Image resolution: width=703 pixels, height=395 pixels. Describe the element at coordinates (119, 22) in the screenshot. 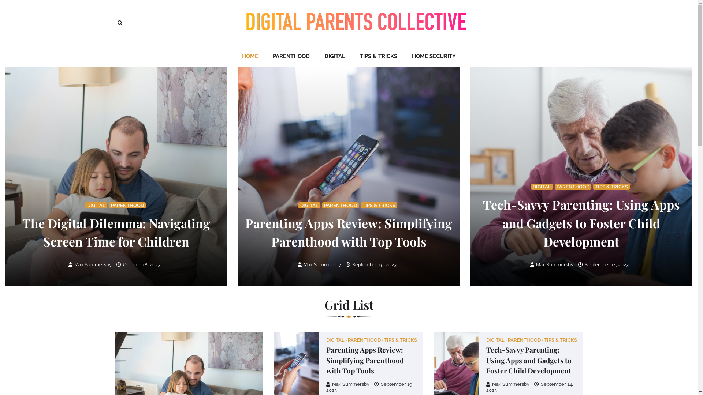

I see `'Search'` at that location.